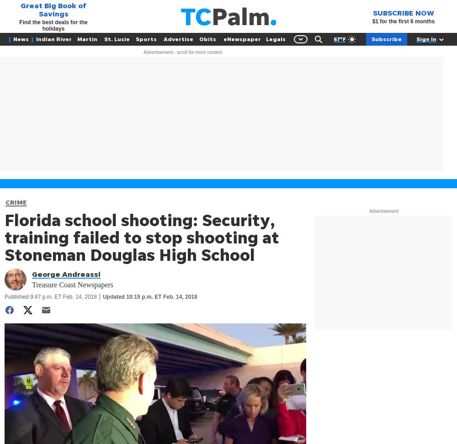 This screenshot has height=444, width=457. I want to click on 'Legals', so click(275, 38).